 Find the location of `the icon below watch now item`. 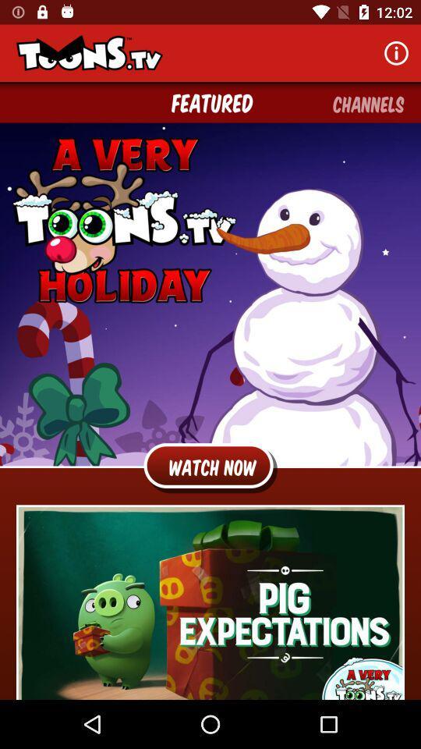

the icon below watch now item is located at coordinates (210, 602).